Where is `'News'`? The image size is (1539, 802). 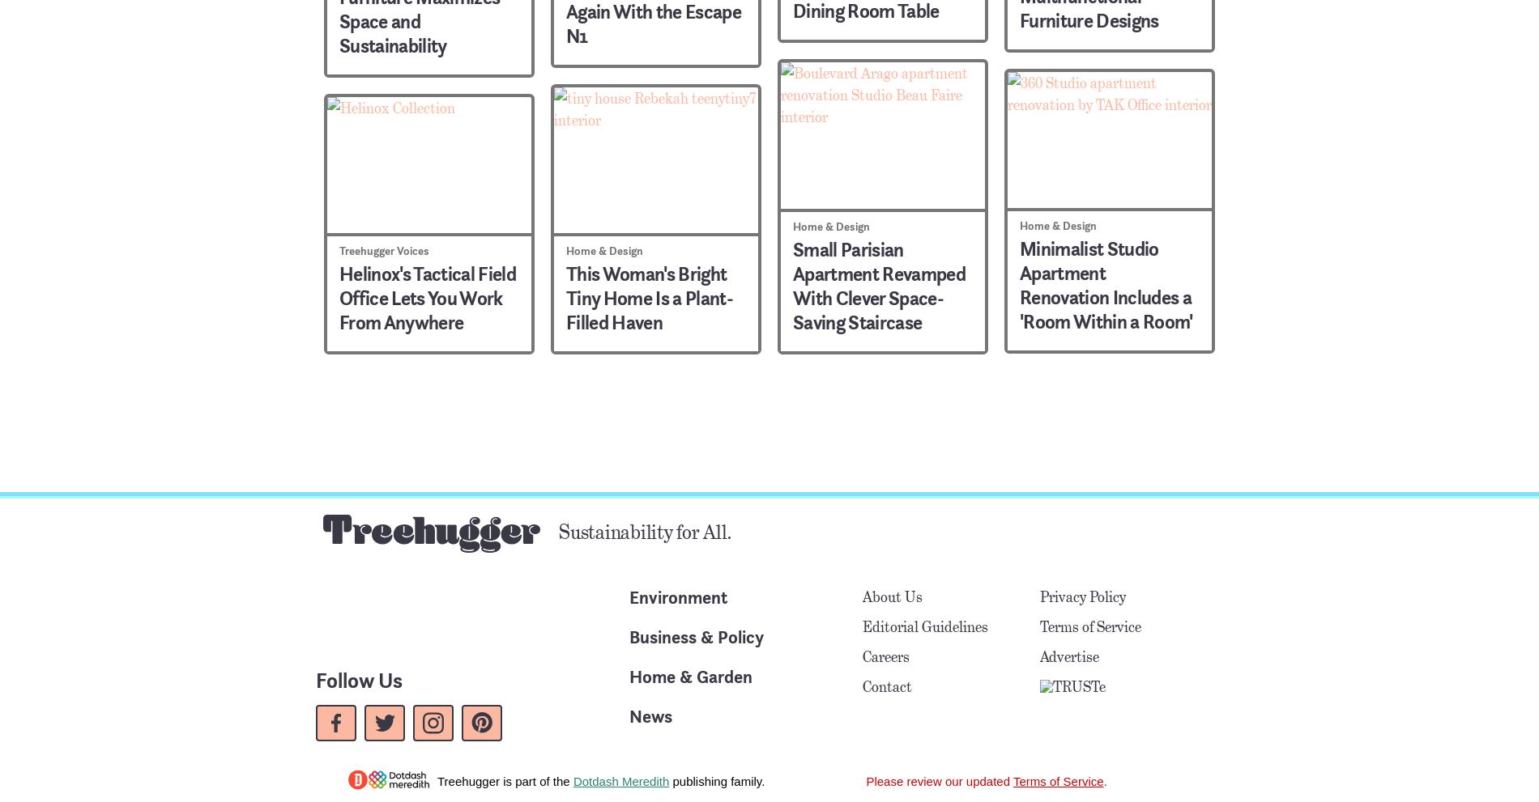 'News' is located at coordinates (650, 715).